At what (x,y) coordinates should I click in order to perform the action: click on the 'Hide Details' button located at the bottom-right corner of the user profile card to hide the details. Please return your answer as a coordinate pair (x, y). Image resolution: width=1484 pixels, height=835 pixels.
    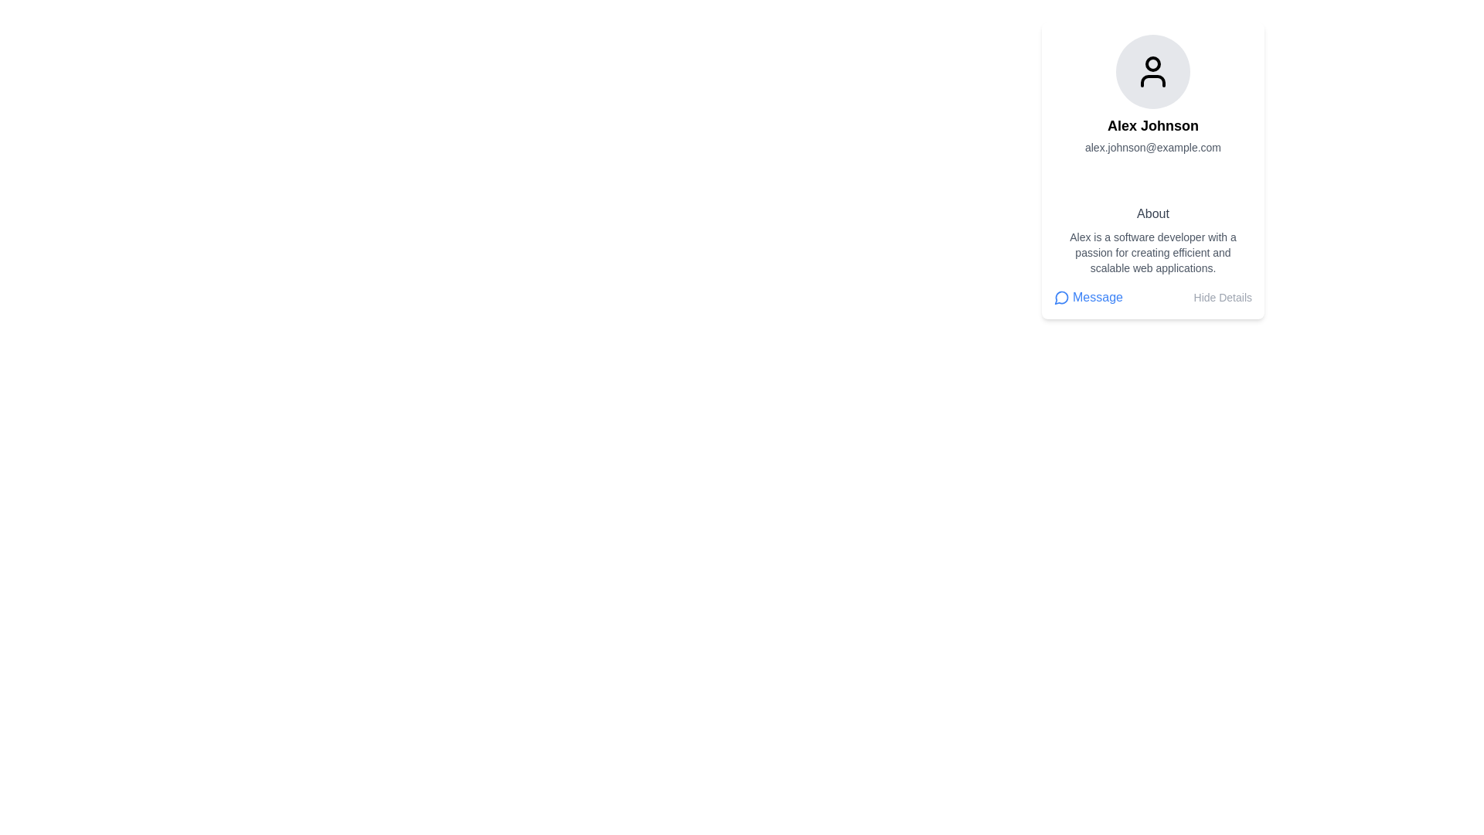
    Looking at the image, I should click on (1222, 298).